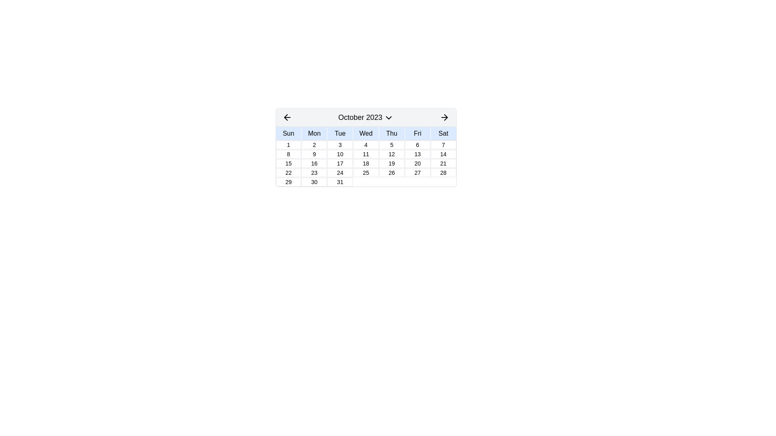  I want to click on the text element displaying the number '1' in the Sunday cell of the calendar grid by moving the mouse to its center point, so click(288, 144).